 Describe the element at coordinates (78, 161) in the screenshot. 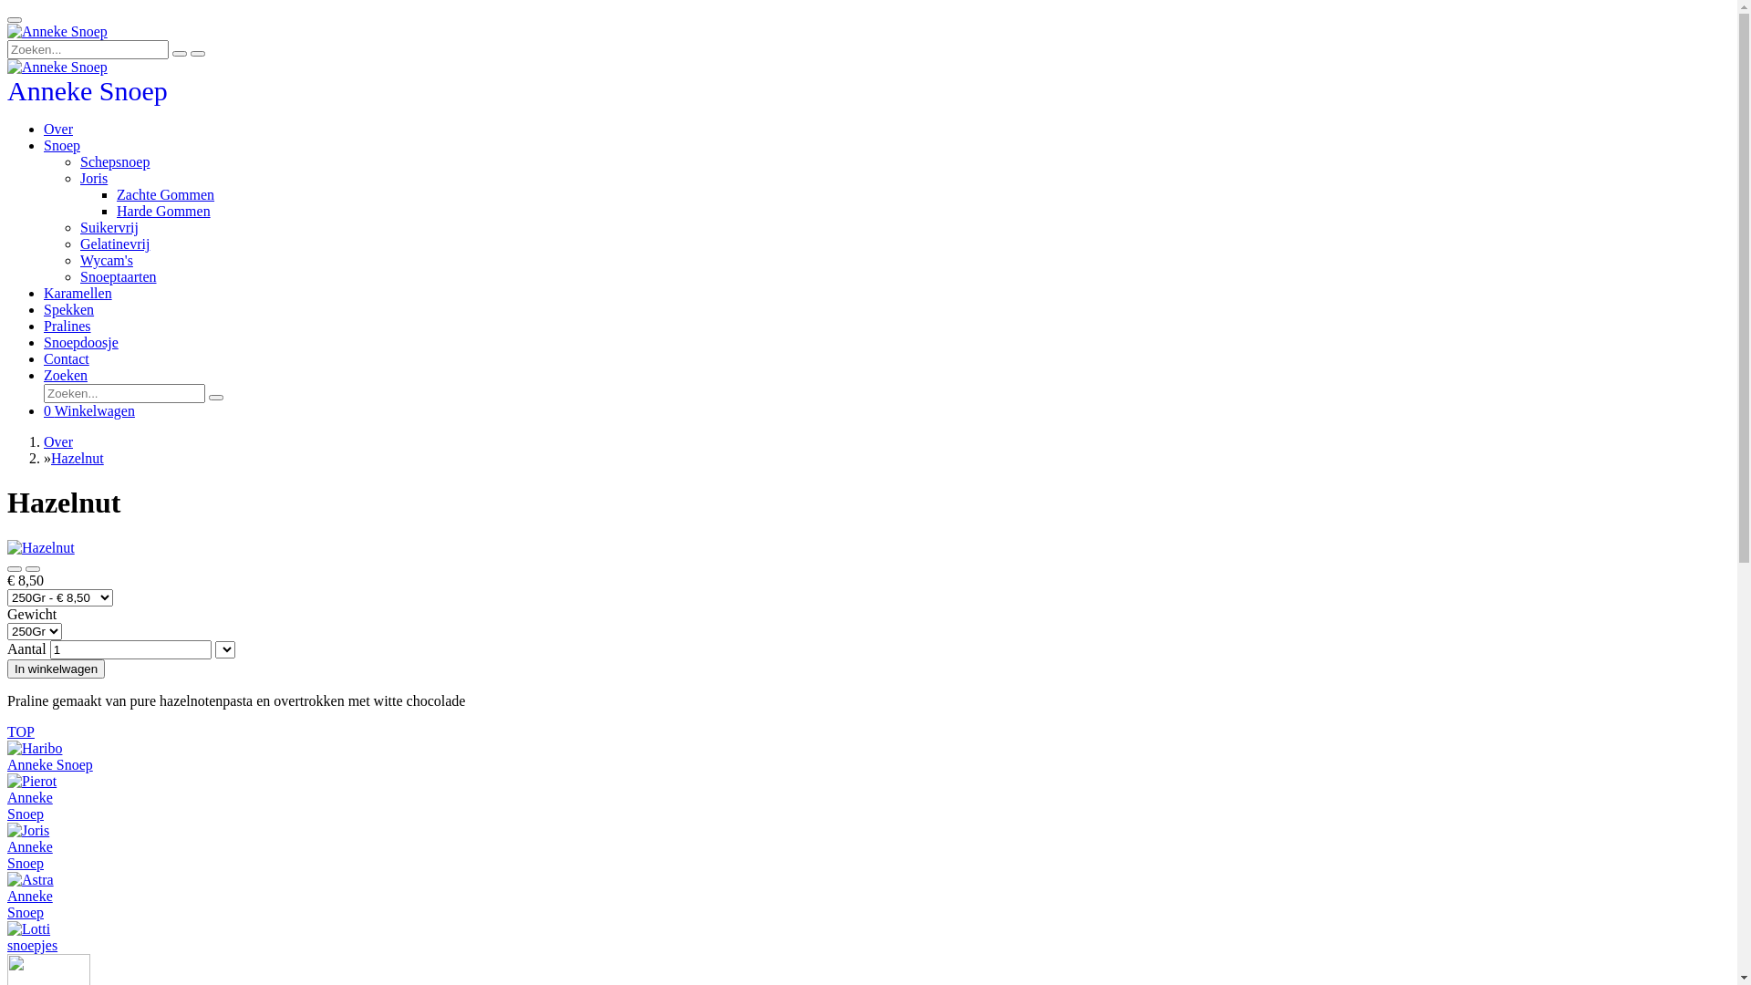

I see `'Schepsnoep'` at that location.